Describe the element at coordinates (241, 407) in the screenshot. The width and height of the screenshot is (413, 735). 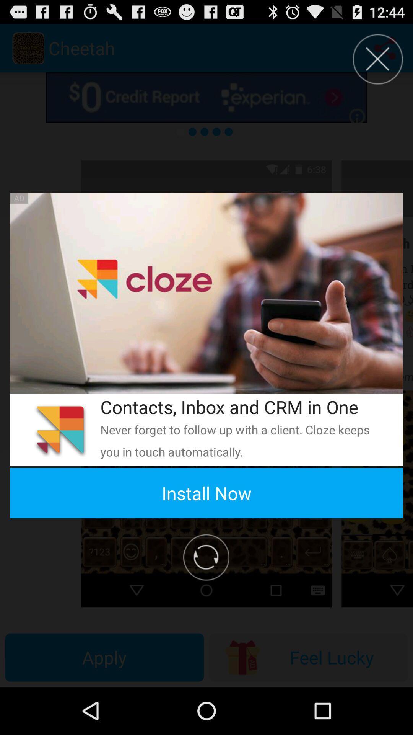
I see `contacts inbox and app` at that location.